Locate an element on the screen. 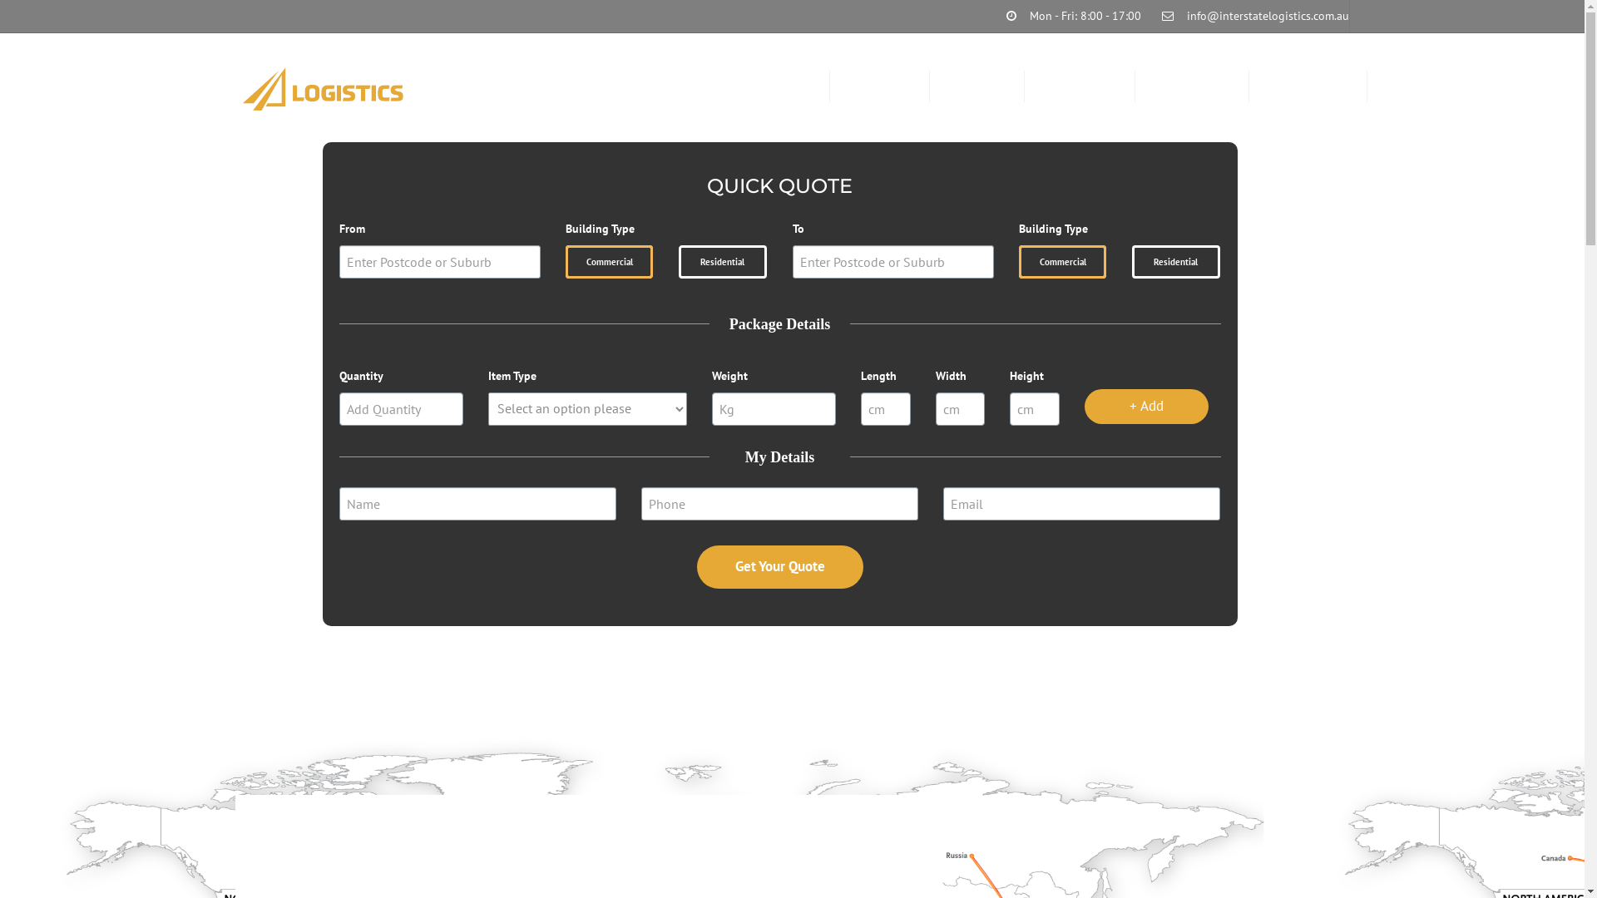 This screenshot has width=1597, height=898. 'Get Your Quote' is located at coordinates (697, 566).